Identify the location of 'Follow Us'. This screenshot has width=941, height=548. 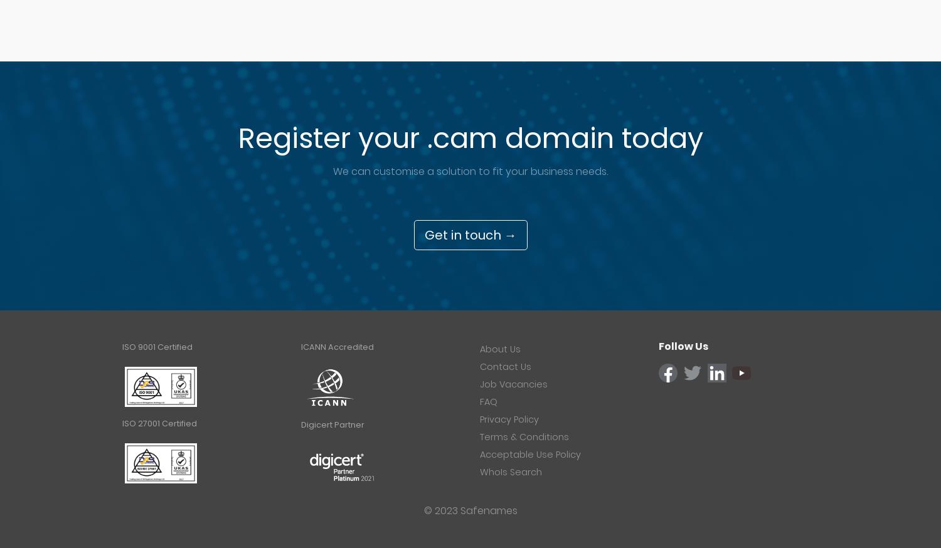
(683, 346).